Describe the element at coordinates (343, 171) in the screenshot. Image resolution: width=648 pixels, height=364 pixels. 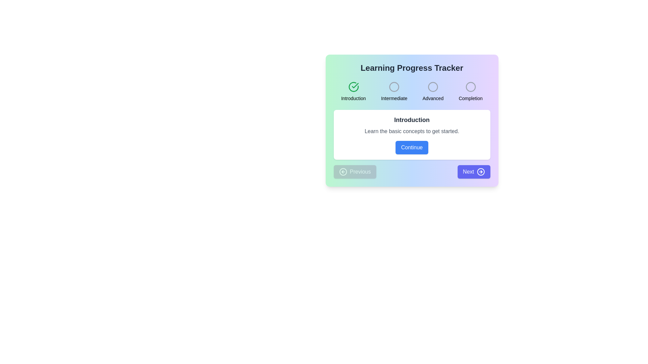
I see `the circular element representing the 'Previous' button` at that location.